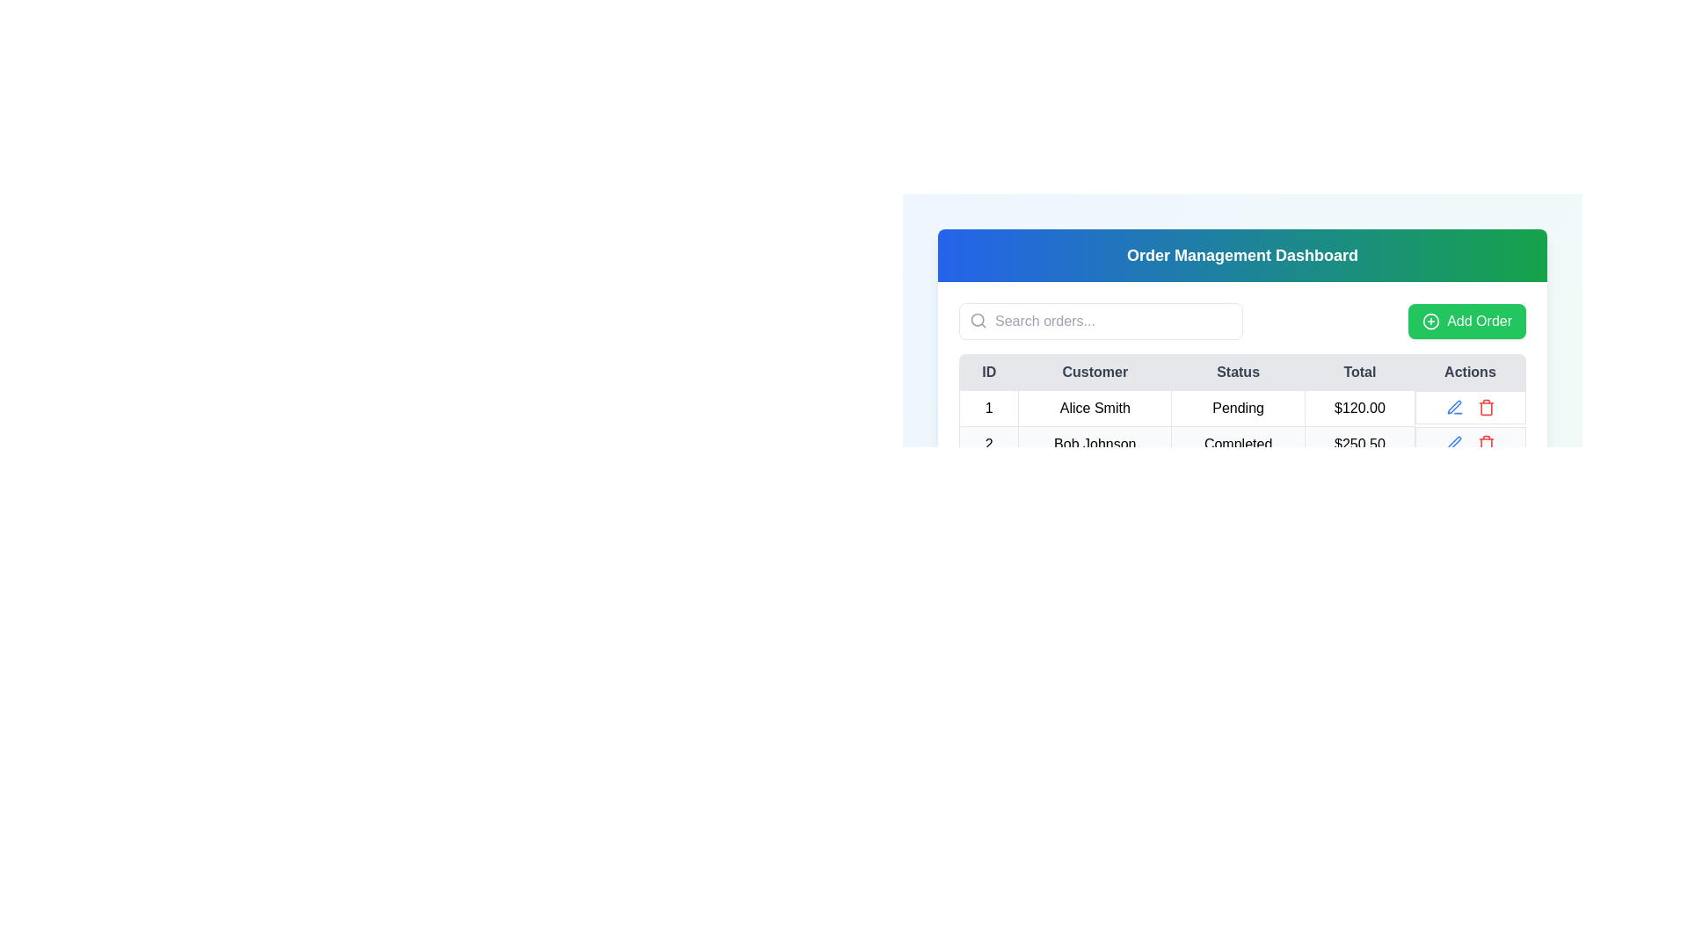 Image resolution: width=1688 pixels, height=949 pixels. What do you see at coordinates (1100, 322) in the screenshot?
I see `the search input field located at the top-left side of the interface, before the green 'Add Order' button` at bounding box center [1100, 322].